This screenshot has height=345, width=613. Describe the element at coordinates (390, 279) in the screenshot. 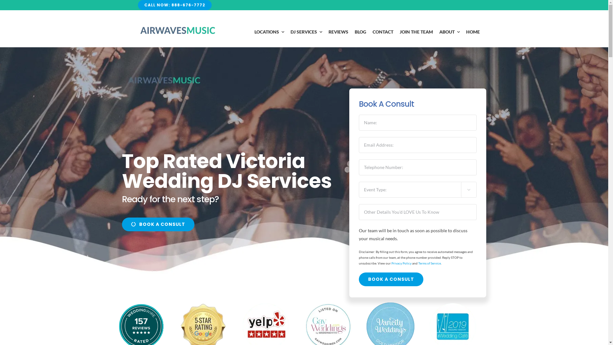

I see `'Book A Consult'` at that location.